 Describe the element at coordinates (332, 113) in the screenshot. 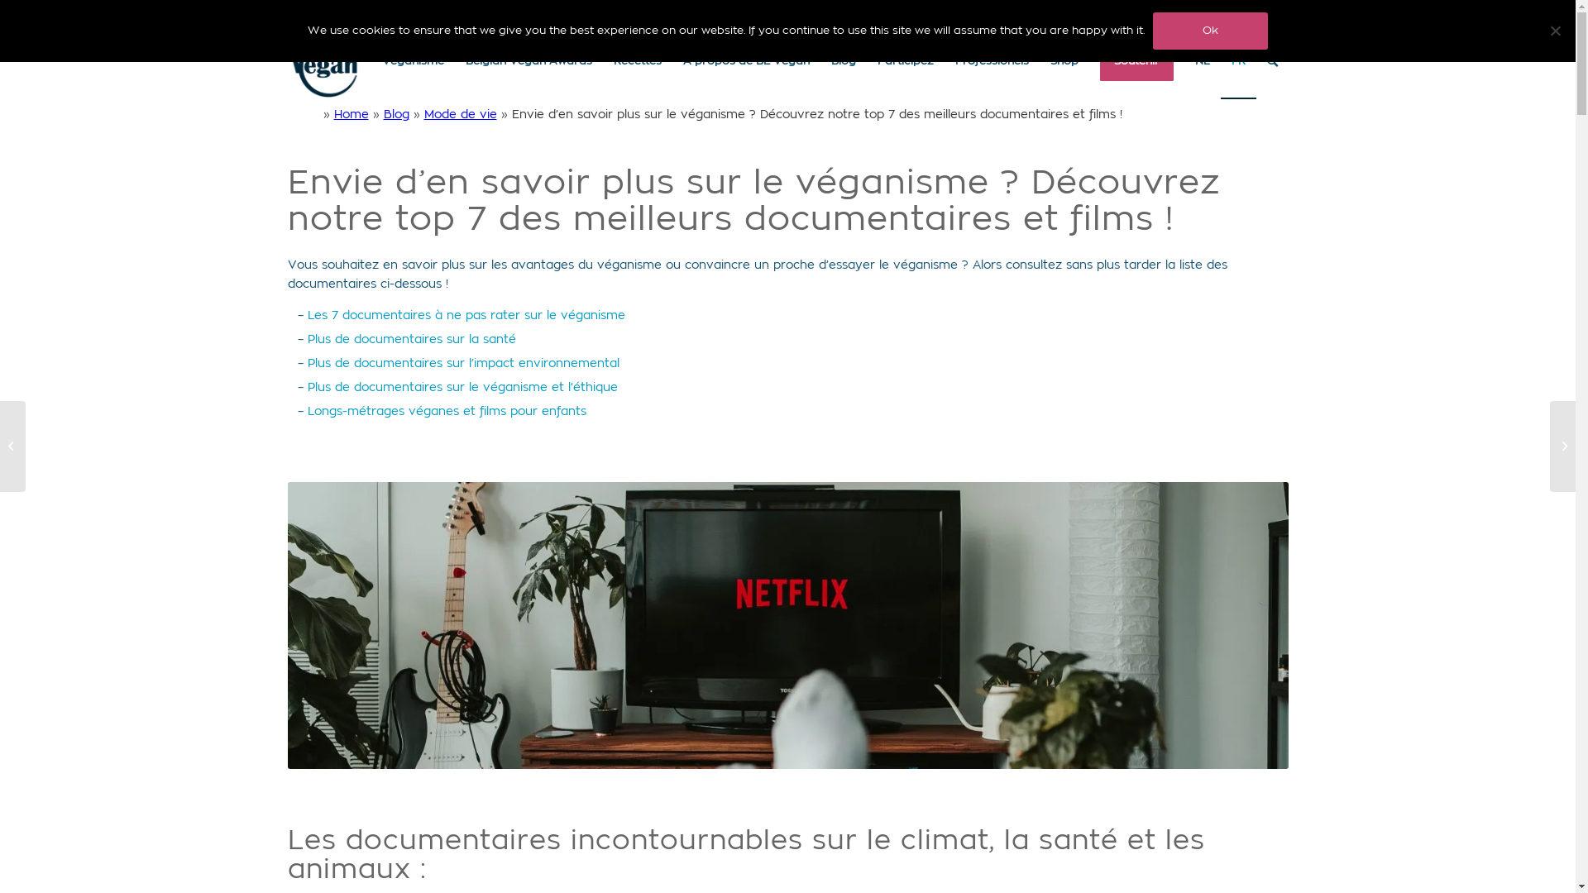

I see `'Home'` at that location.